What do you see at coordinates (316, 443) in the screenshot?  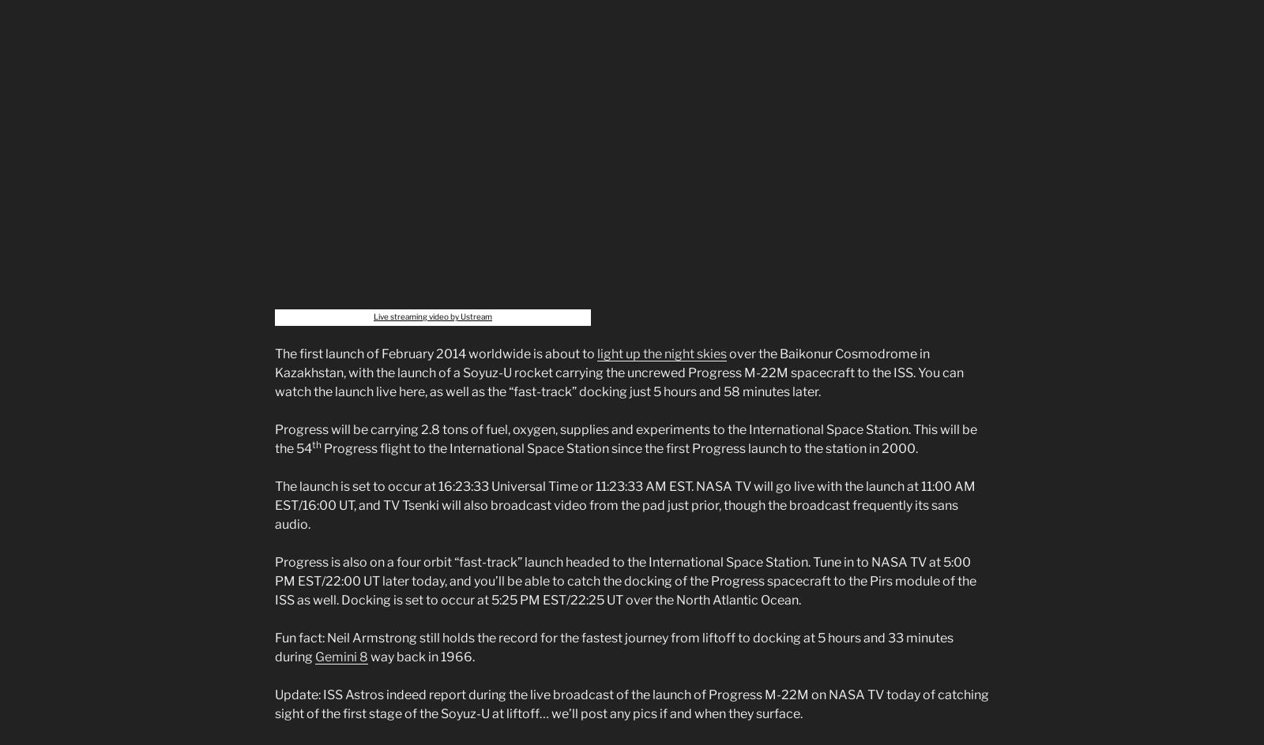 I see `'th'` at bounding box center [316, 443].